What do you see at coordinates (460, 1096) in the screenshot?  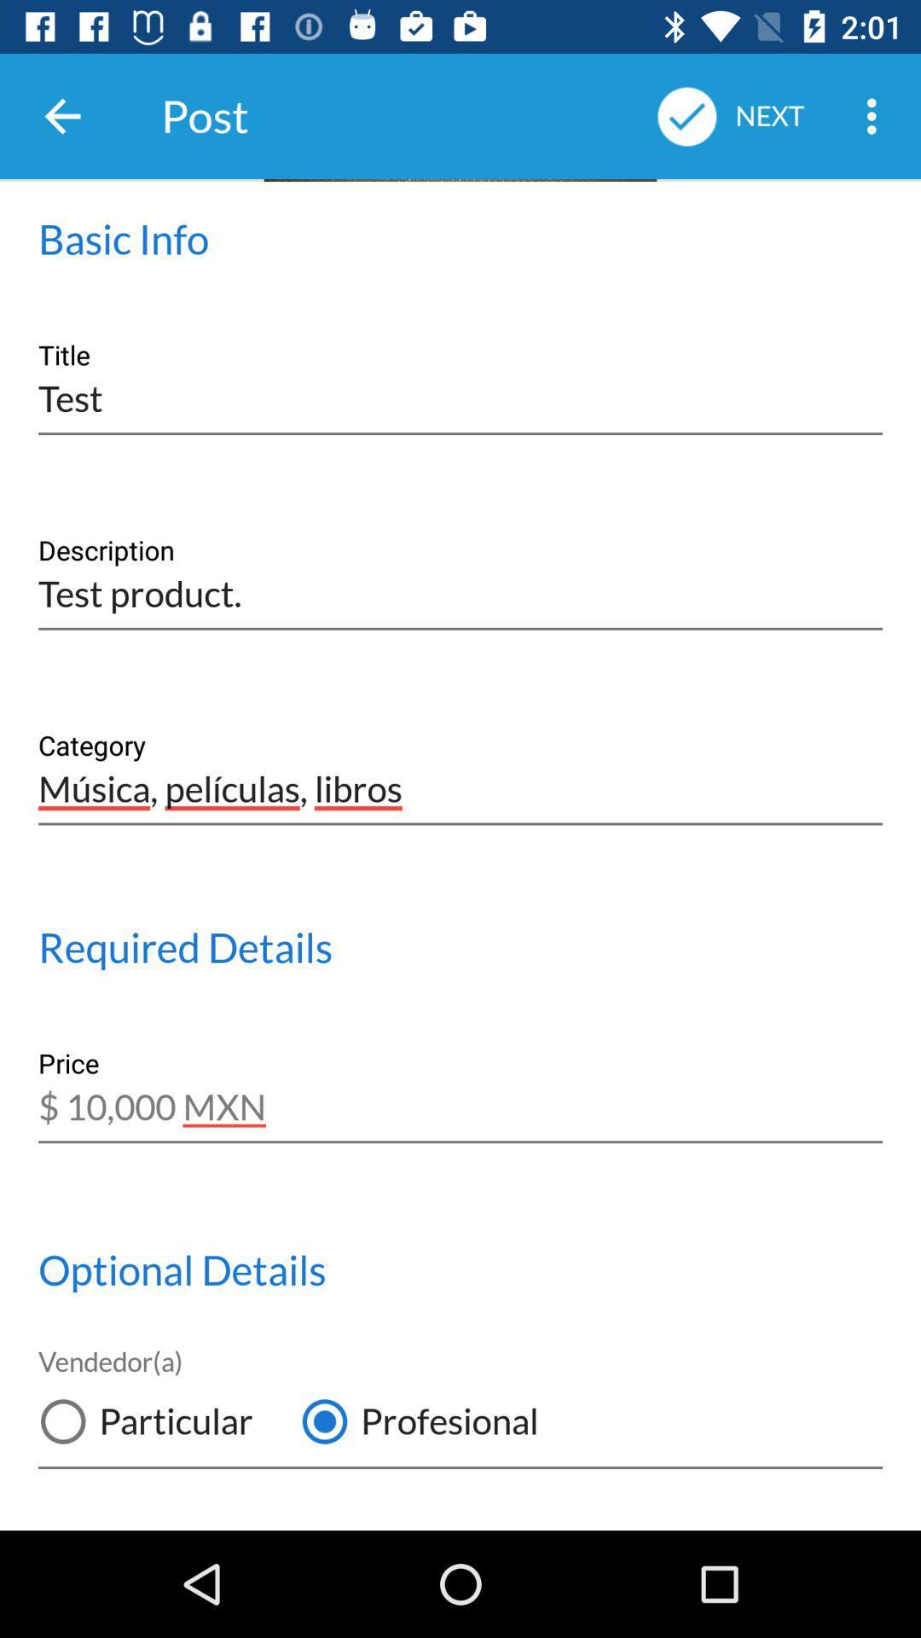 I see `the option below required details` at bounding box center [460, 1096].